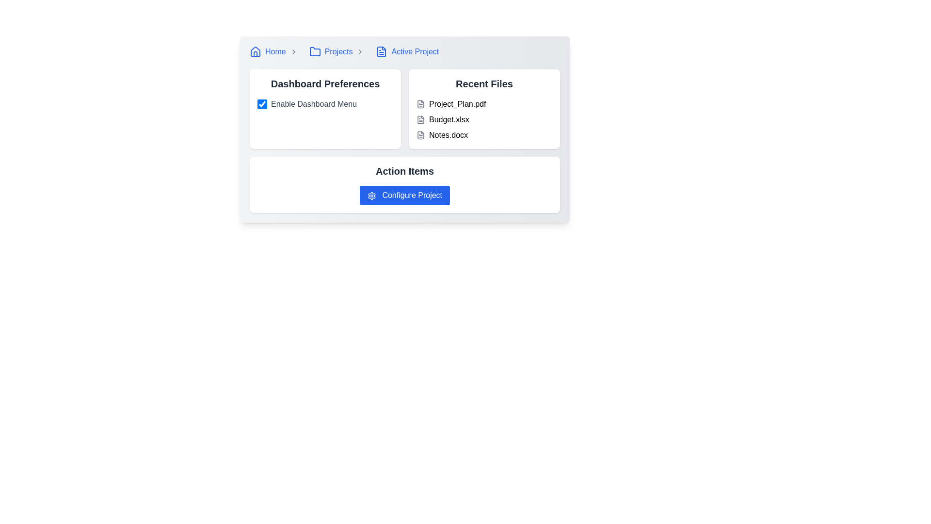  What do you see at coordinates (421, 135) in the screenshot?
I see `the file outline icon representing 'Notes.docx' located in the 'Recent Files' section, which is positioned immediately before the text label 'Notes.docx'` at bounding box center [421, 135].